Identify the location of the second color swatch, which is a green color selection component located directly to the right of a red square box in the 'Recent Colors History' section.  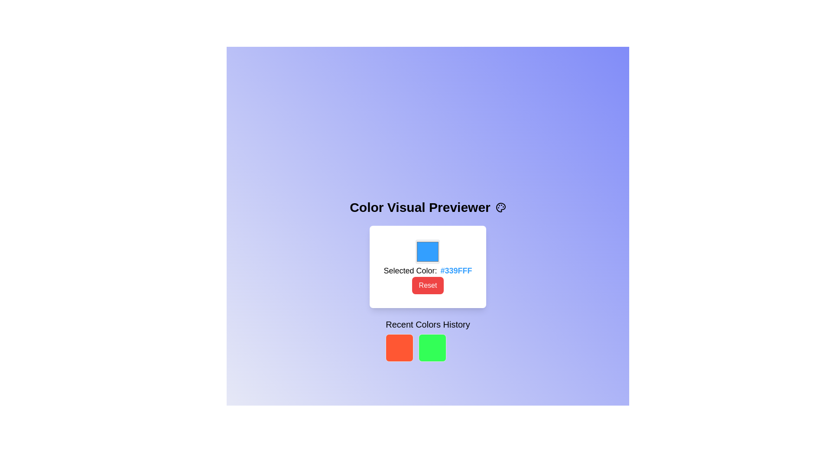
(432, 347).